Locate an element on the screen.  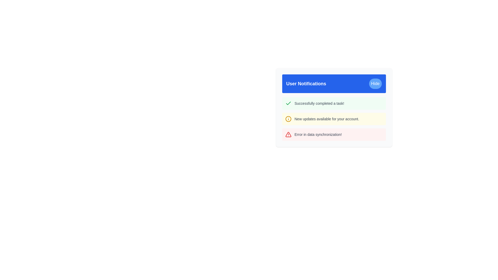
circular icon with a yellow outer border and exclamation point symbol located to the left of the text 'New updates available for your account' in the notification card is located at coordinates (288, 119).